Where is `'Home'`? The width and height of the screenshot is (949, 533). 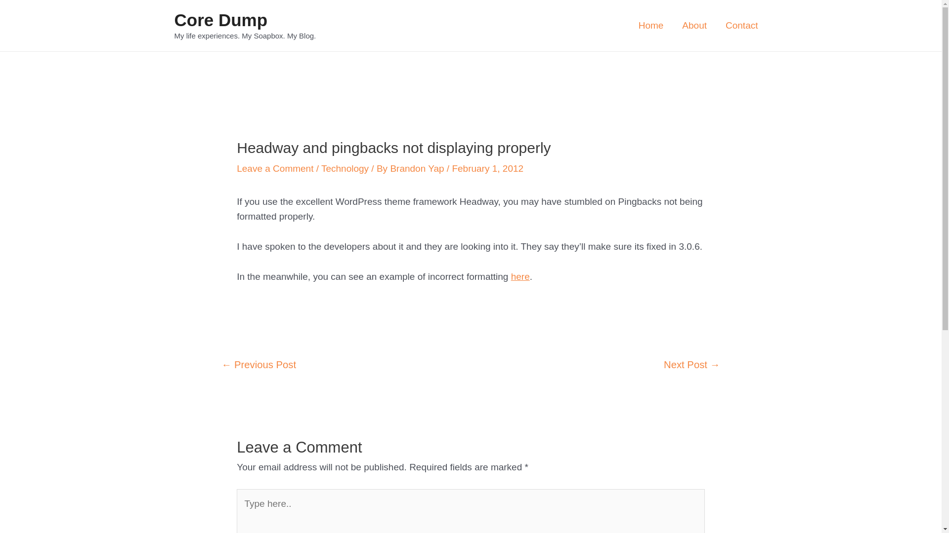
'Home' is located at coordinates (651, 25).